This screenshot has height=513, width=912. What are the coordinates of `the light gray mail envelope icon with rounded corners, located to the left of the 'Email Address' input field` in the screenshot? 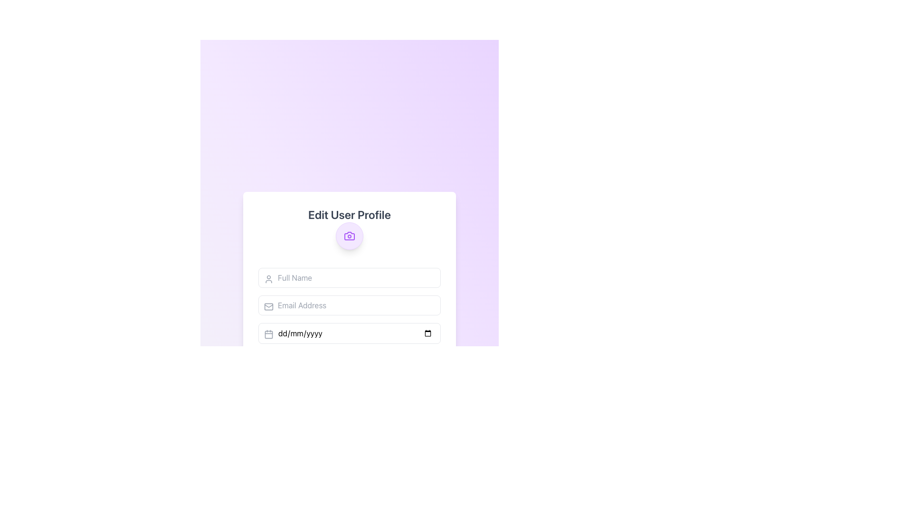 It's located at (268, 306).